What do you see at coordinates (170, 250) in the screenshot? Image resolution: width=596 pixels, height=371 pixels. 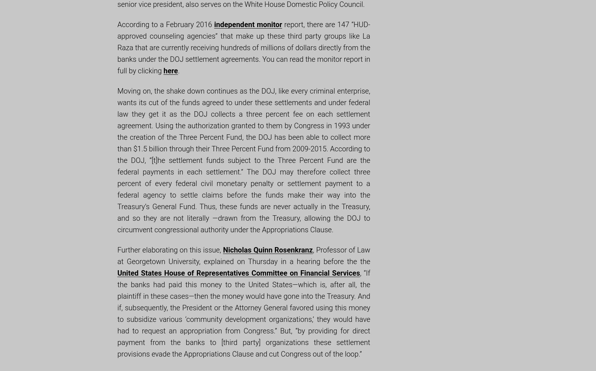 I see `'Further elaborating on this issue,'` at bounding box center [170, 250].